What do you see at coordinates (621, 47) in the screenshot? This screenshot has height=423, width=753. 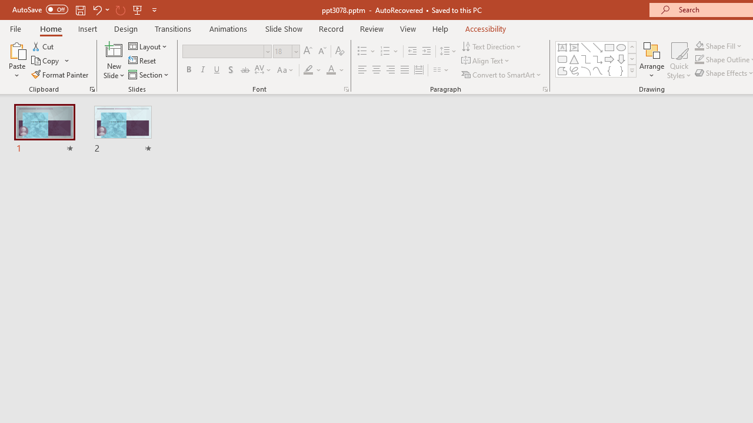 I see `'Oval'` at bounding box center [621, 47].